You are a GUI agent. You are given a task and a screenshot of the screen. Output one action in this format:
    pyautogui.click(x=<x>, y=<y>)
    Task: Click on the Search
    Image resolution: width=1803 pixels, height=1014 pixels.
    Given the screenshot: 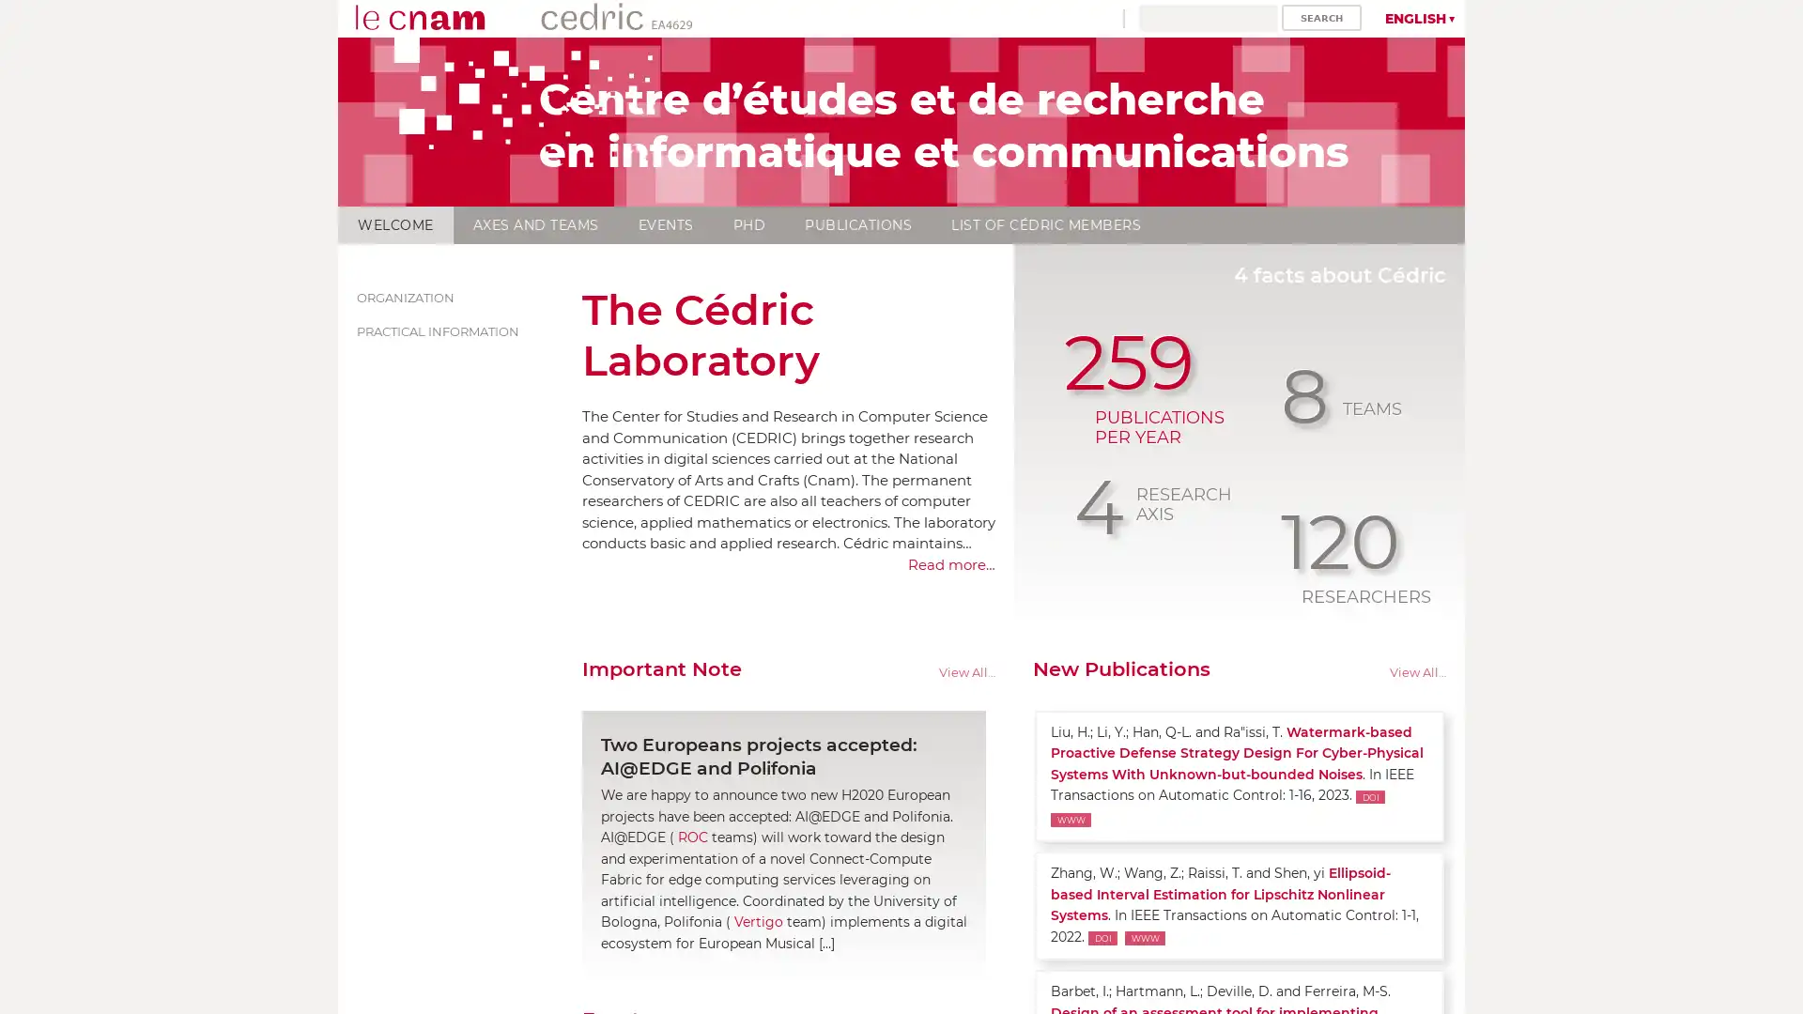 What is the action you would take?
    pyautogui.click(x=1320, y=18)
    